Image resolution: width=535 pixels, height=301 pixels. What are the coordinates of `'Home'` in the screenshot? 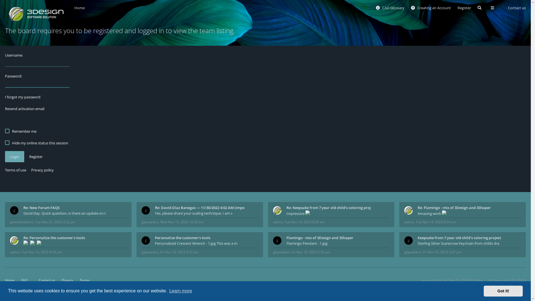 It's located at (74, 8).